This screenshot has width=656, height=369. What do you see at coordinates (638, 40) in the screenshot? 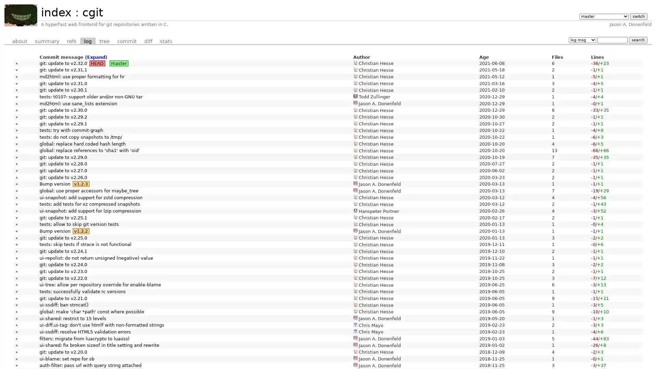
I see `search` at bounding box center [638, 40].